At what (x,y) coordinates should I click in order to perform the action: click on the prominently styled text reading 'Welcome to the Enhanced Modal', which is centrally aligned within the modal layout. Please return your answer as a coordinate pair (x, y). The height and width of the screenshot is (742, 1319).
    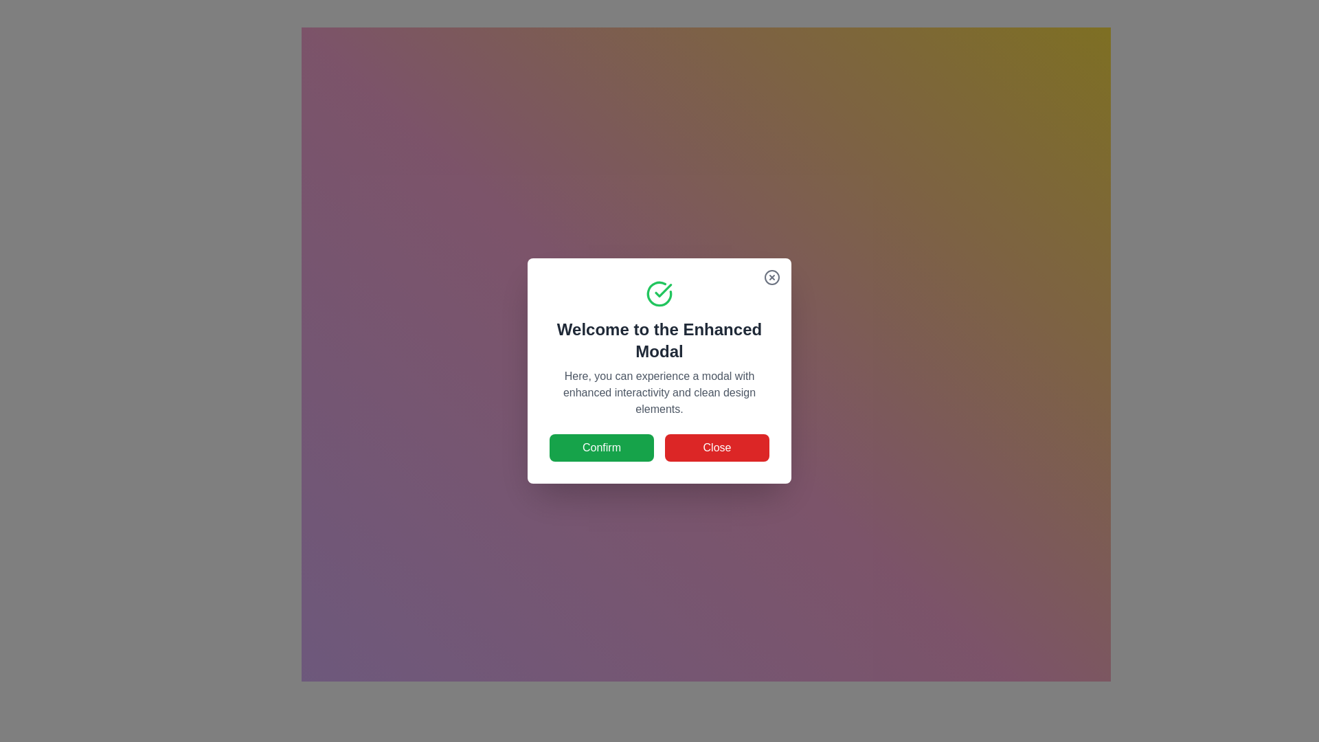
    Looking at the image, I should click on (659, 340).